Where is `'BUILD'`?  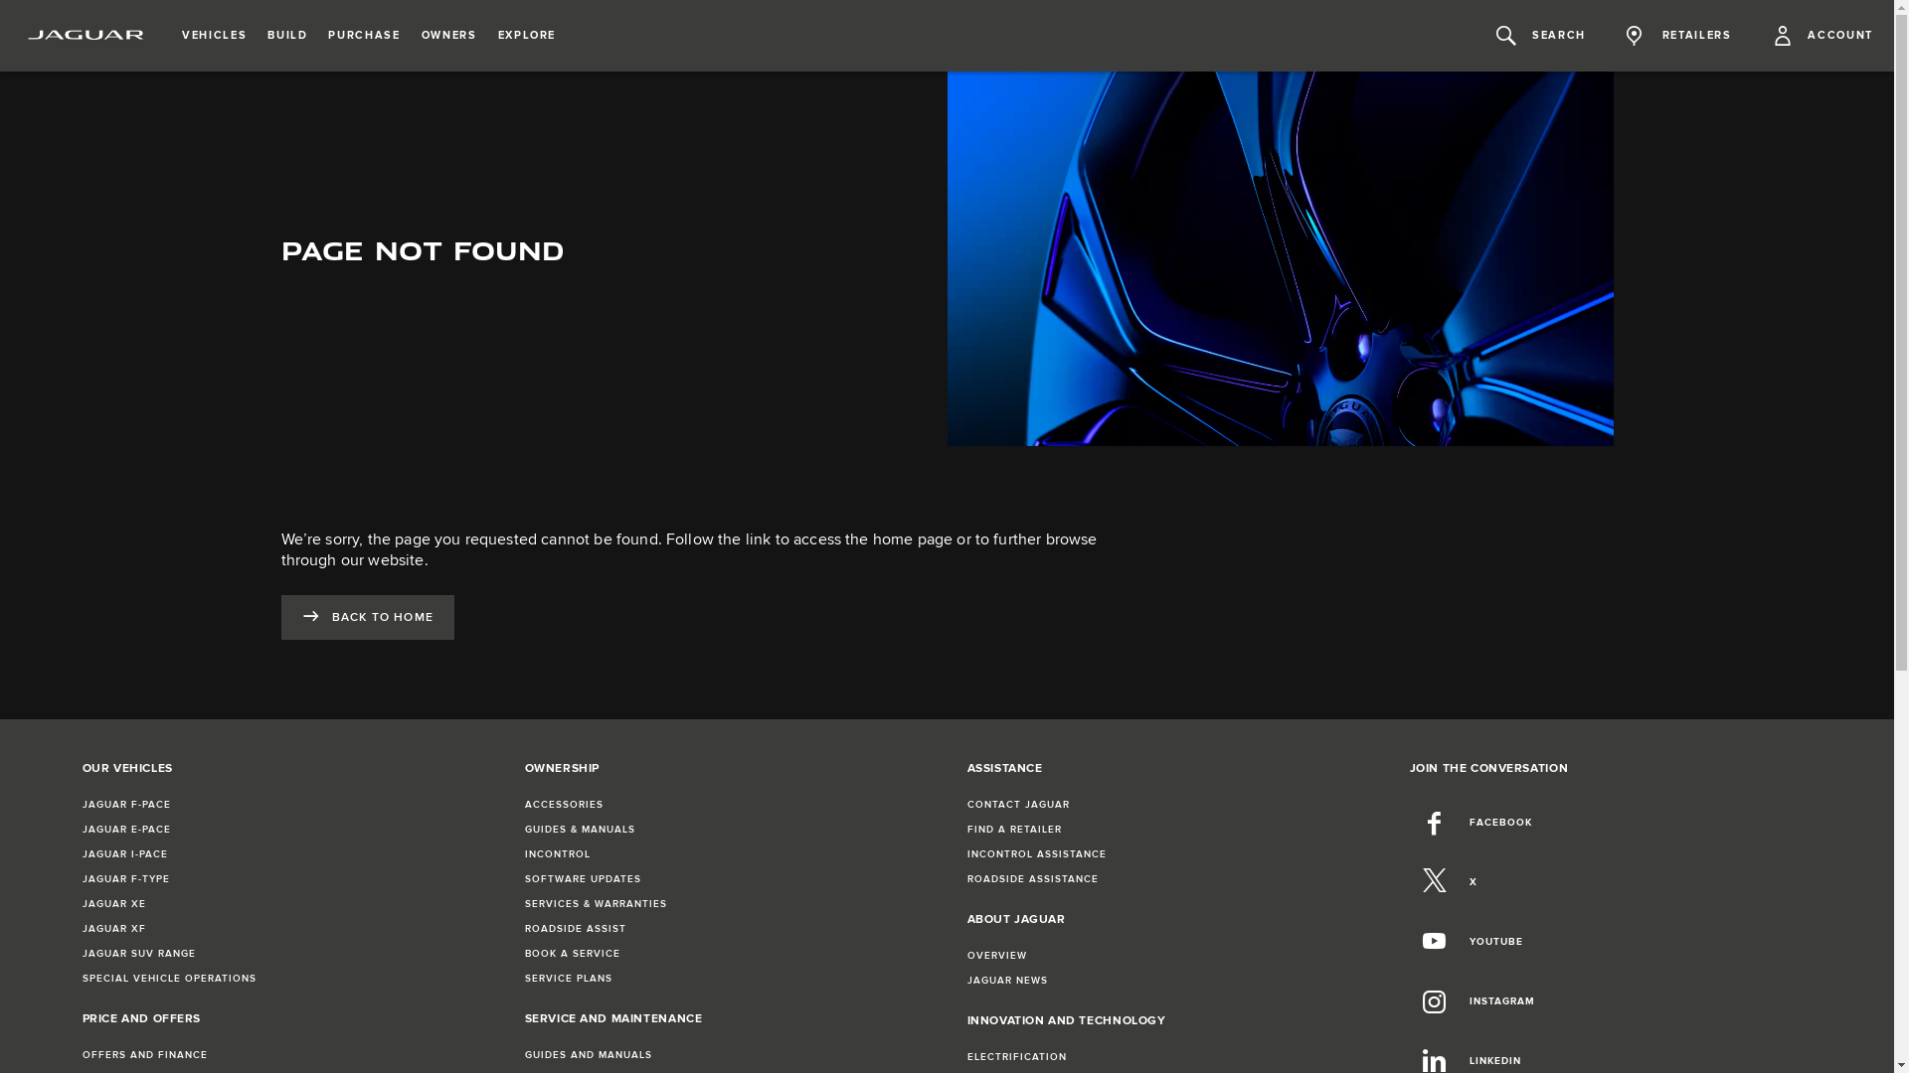
'BUILD' is located at coordinates (257, 35).